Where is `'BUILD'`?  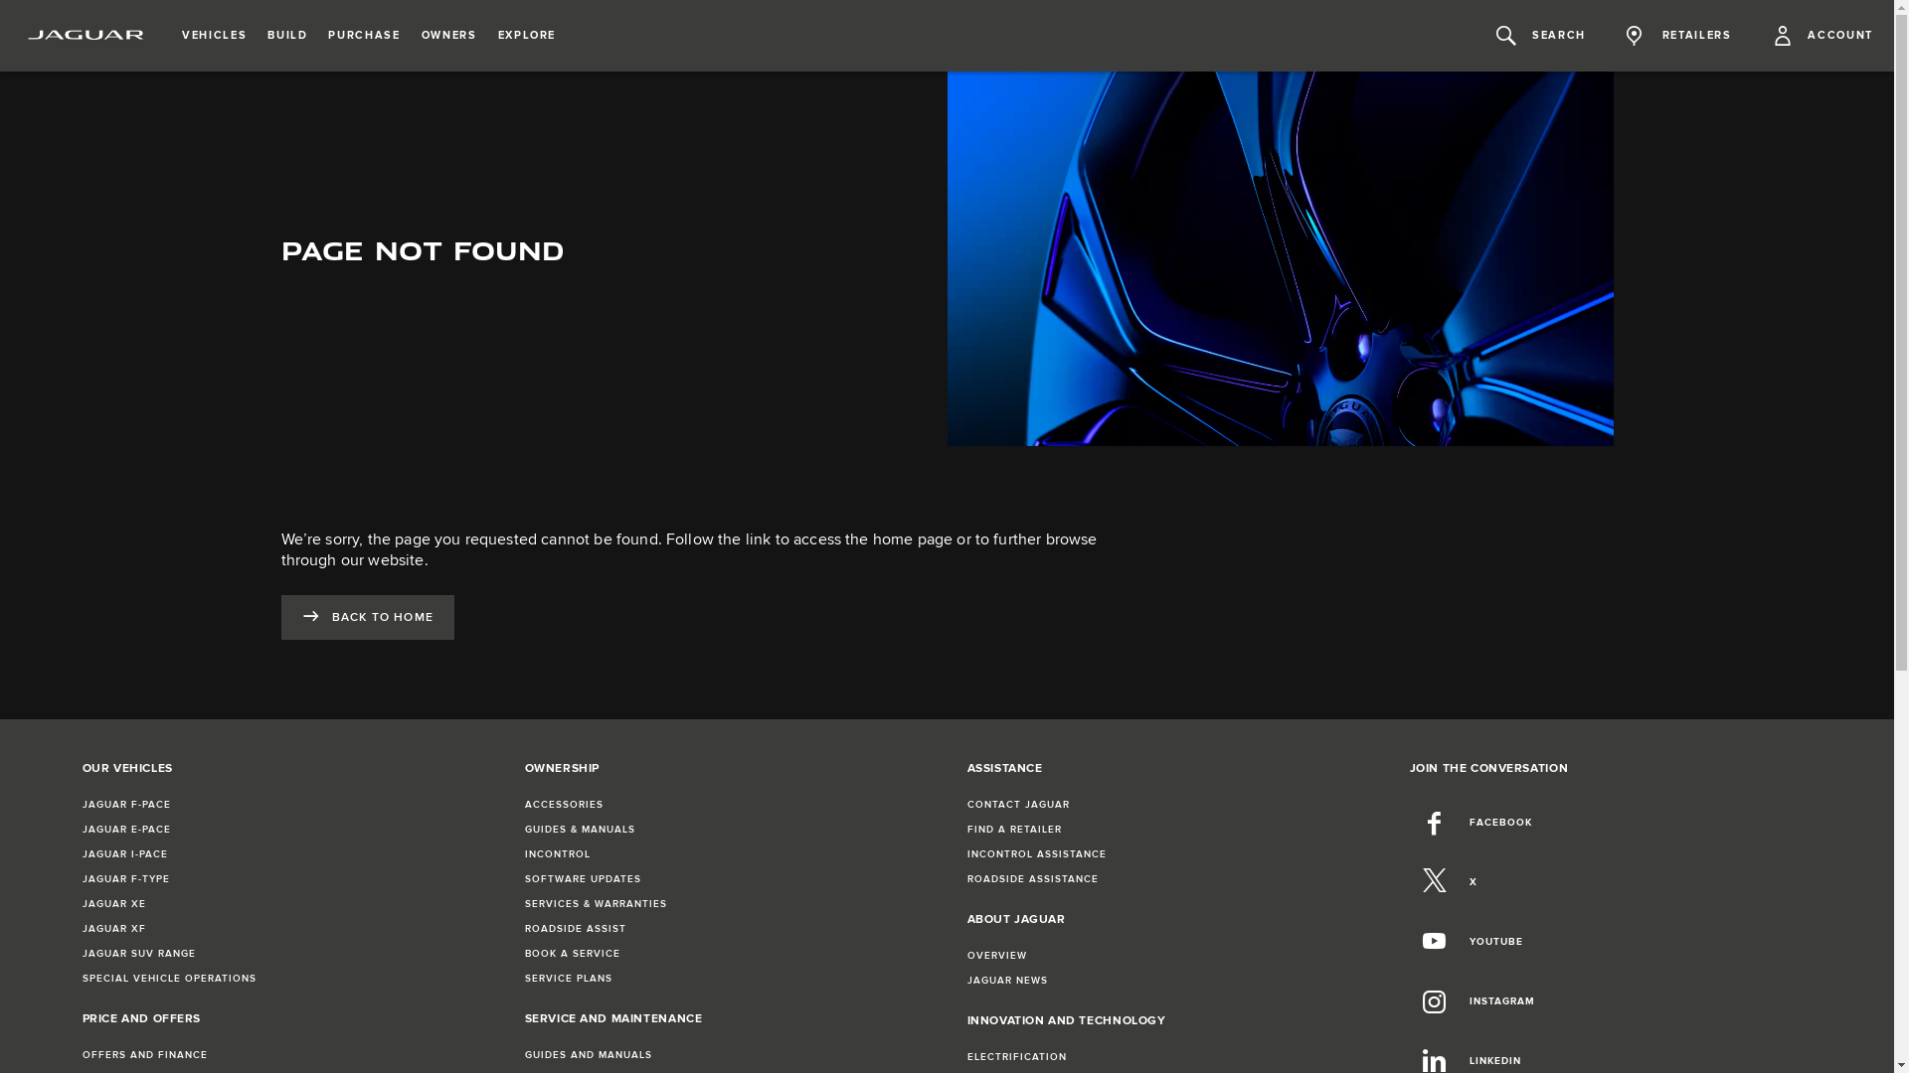
'BUILD' is located at coordinates (257, 35).